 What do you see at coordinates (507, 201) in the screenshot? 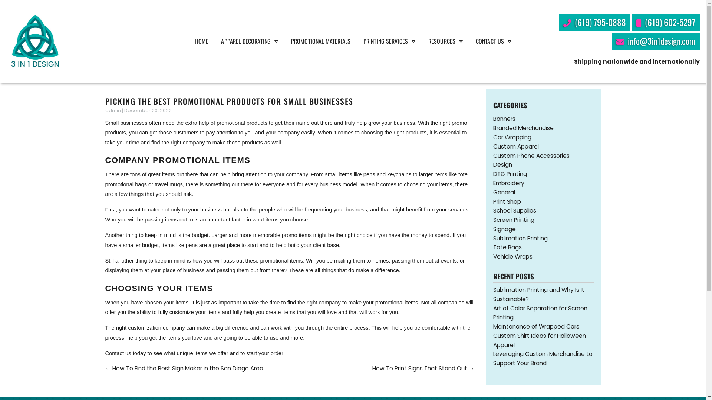
I see `'Print Shop'` at bounding box center [507, 201].